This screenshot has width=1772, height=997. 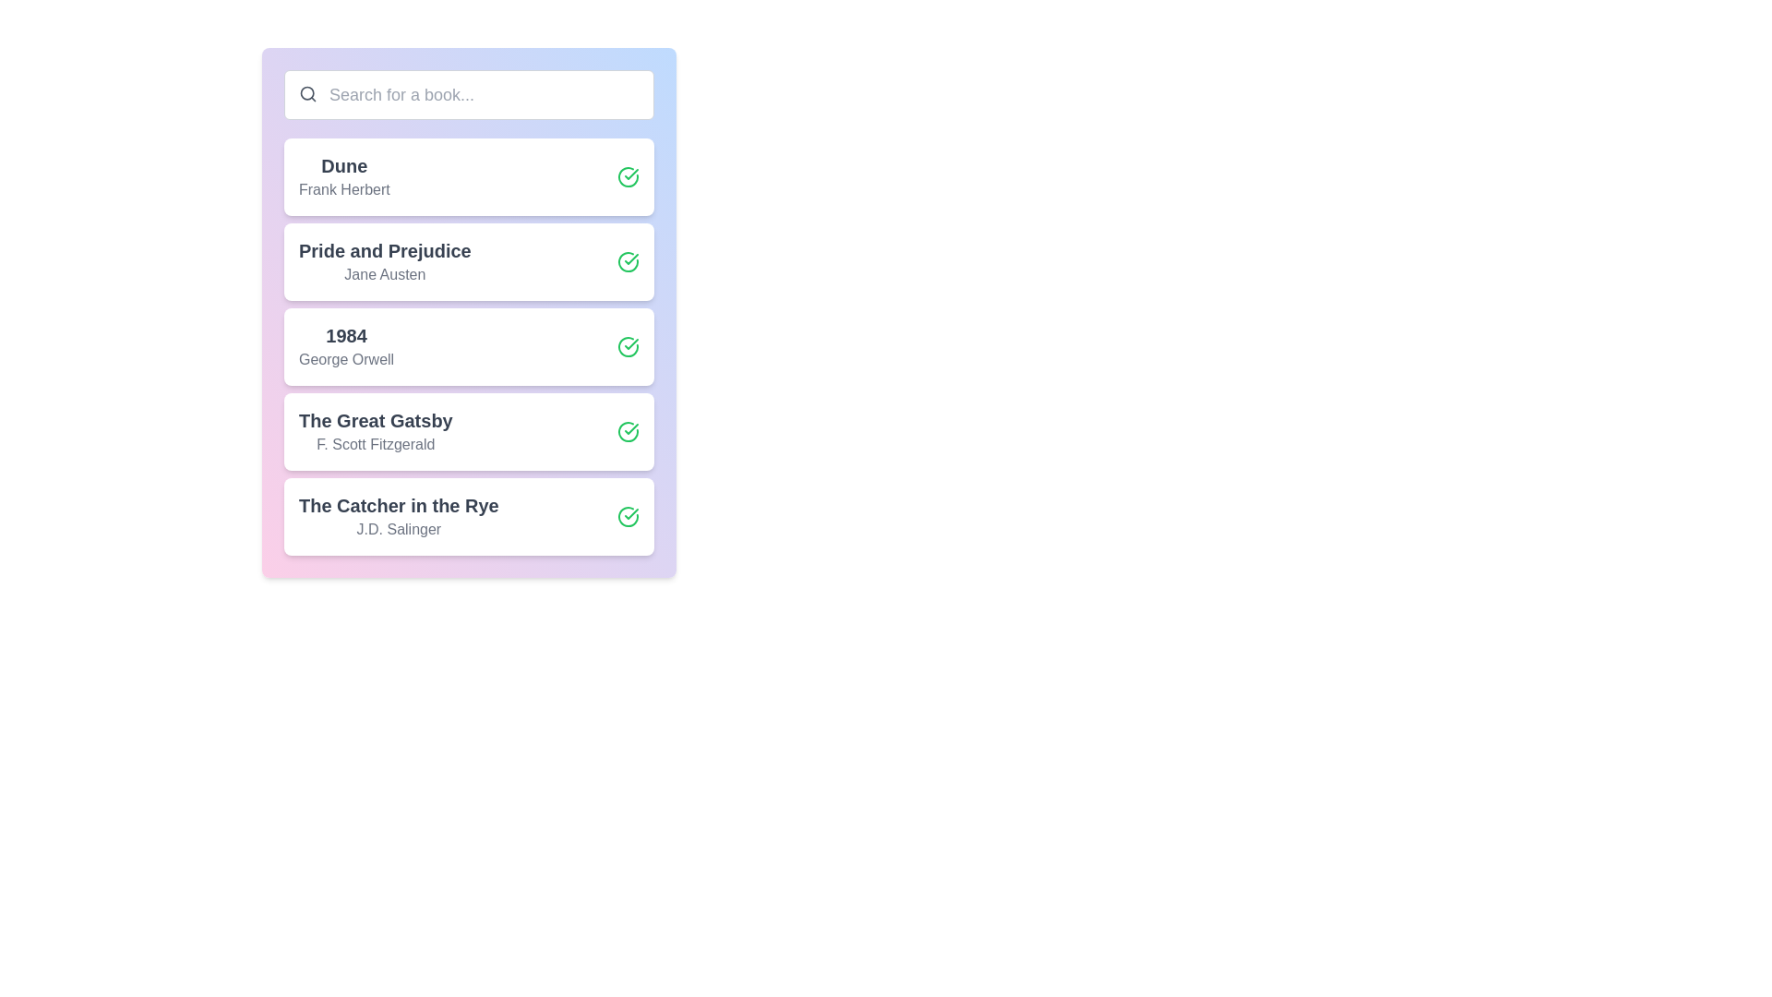 What do you see at coordinates (344, 189) in the screenshot?
I see `the text label displaying the author's name for the book 'Dune', which is located directly below the title 'Dune' in the first entry of a vertically listed set of items` at bounding box center [344, 189].